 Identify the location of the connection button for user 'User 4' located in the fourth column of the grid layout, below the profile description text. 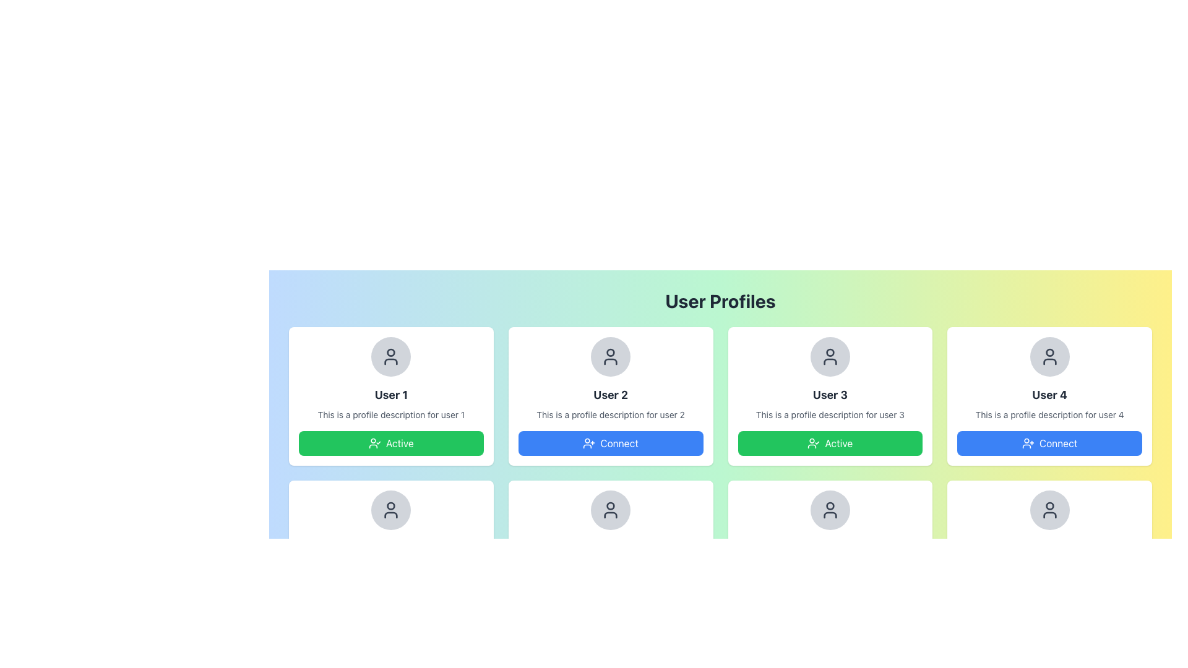
(1049, 443).